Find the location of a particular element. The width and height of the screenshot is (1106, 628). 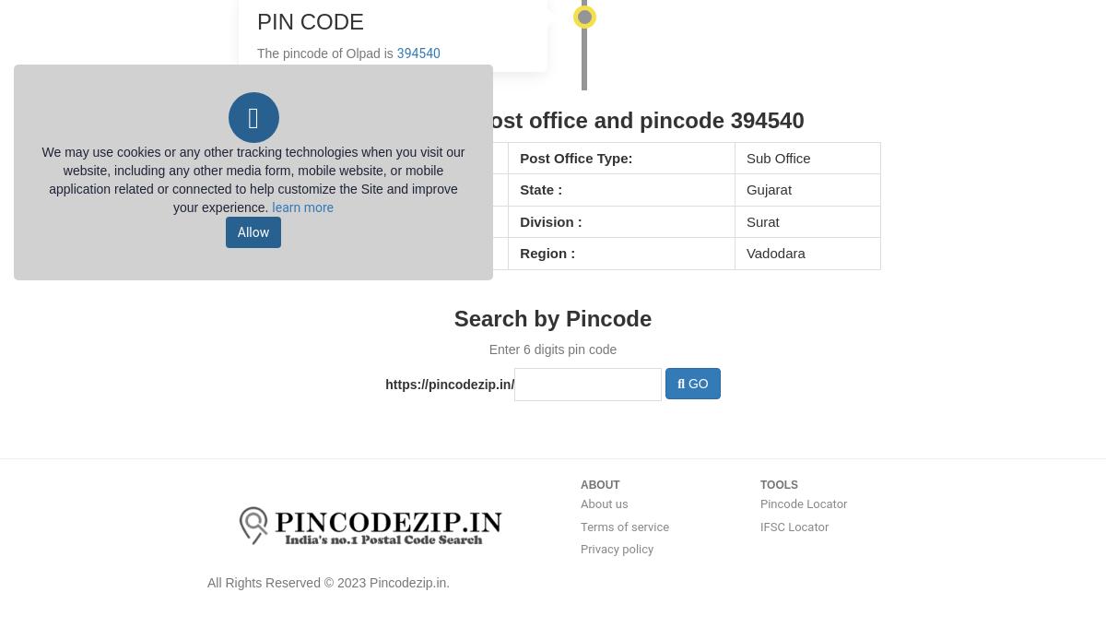

'Post Office:' is located at coordinates (275, 156).